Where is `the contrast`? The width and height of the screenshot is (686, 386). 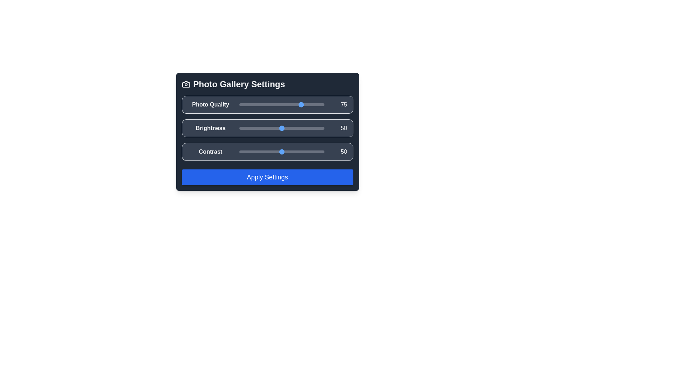
the contrast is located at coordinates (279, 151).